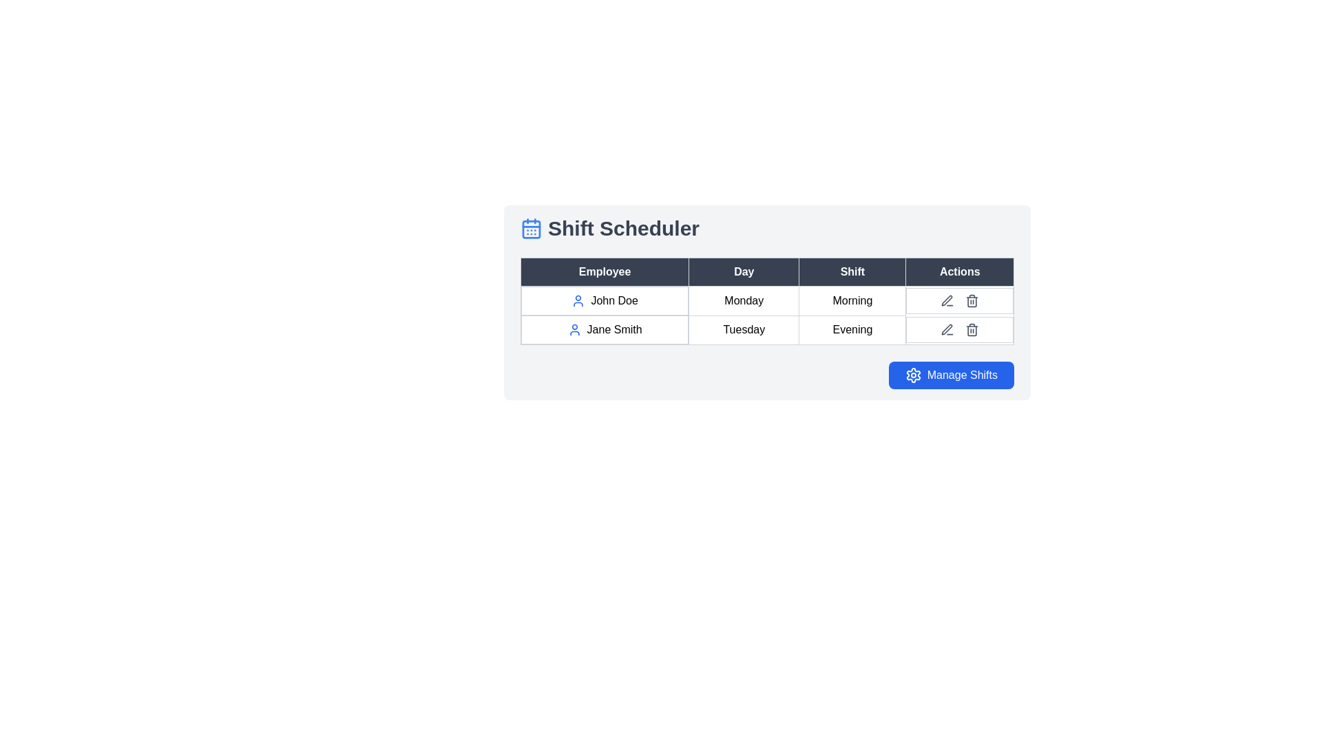 The image size is (1322, 744). Describe the element at coordinates (574, 329) in the screenshot. I see `the user icon associated with 'Jane Smith' in the second instance within the 'Employee' column of the table` at that location.